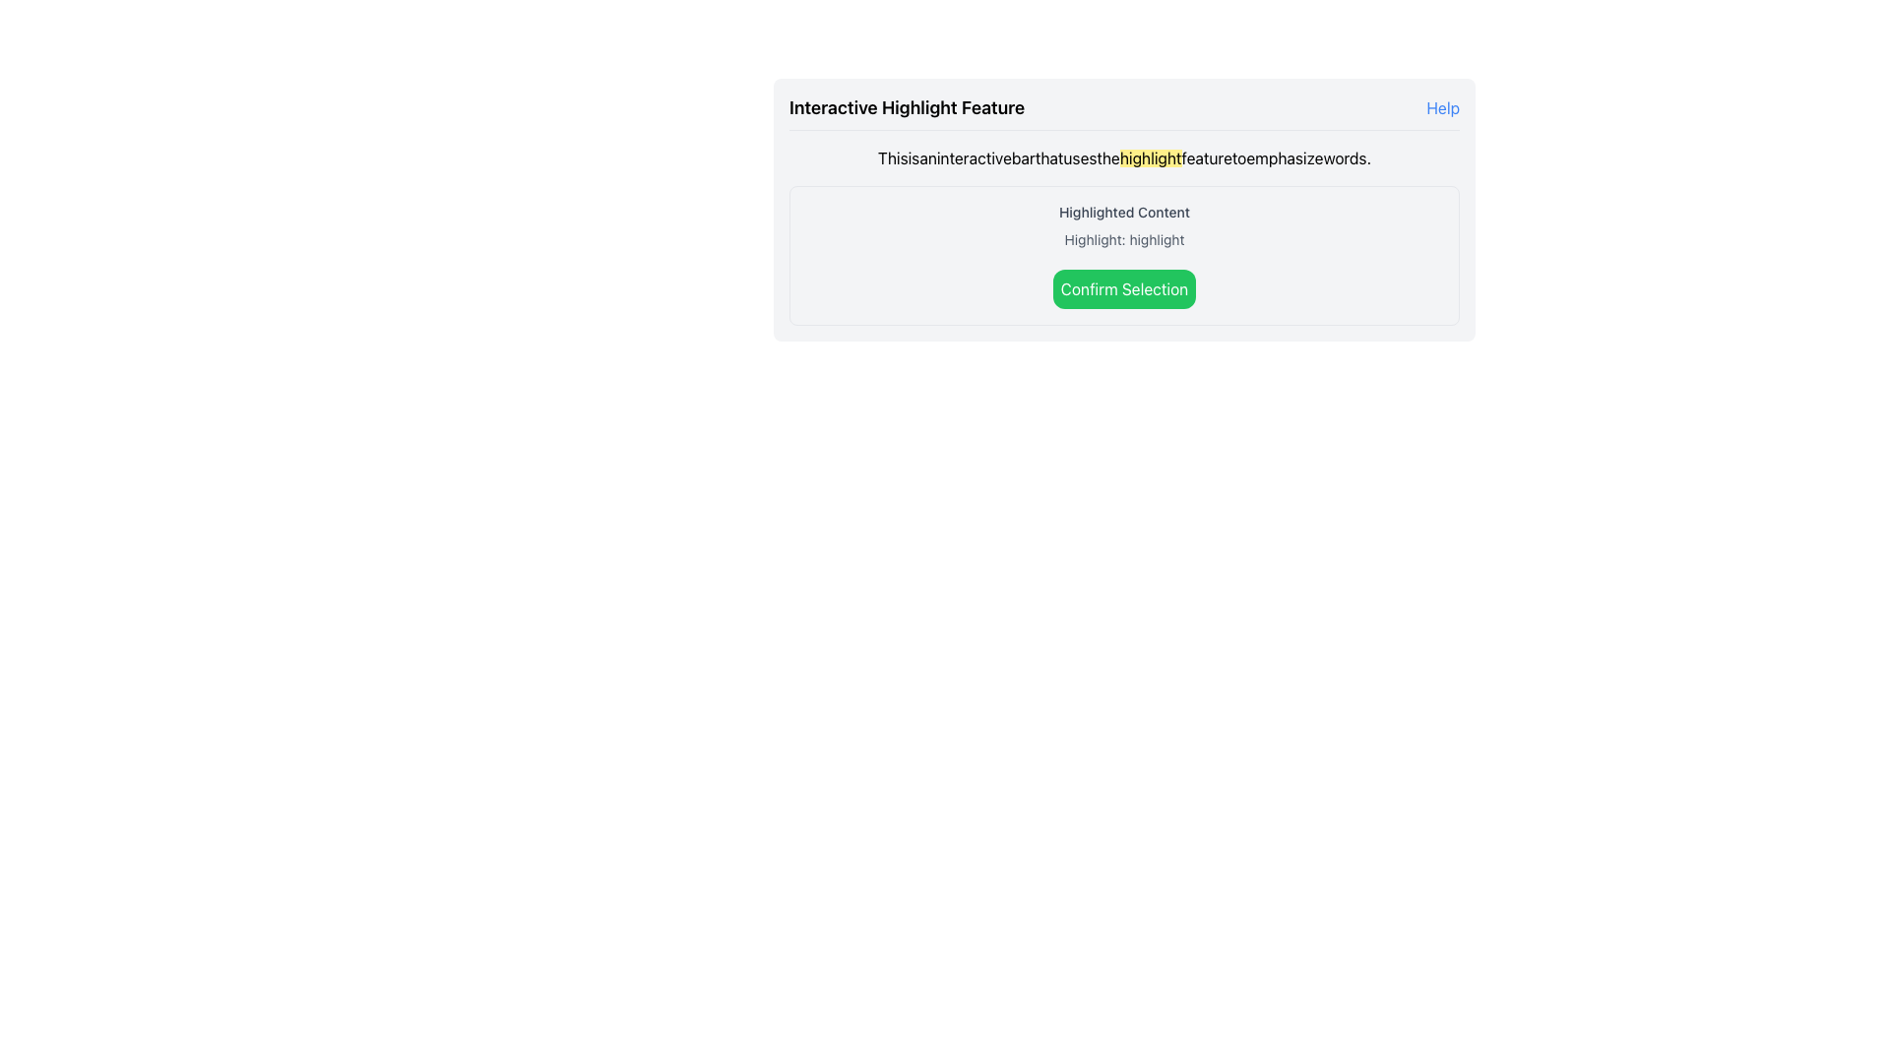 Image resolution: width=1890 pixels, height=1063 pixels. I want to click on the Text Label indicating the highlighted or selected value, which is located below the title 'Highlighted Content' and above the 'Confirm Selection' button, so click(1124, 238).